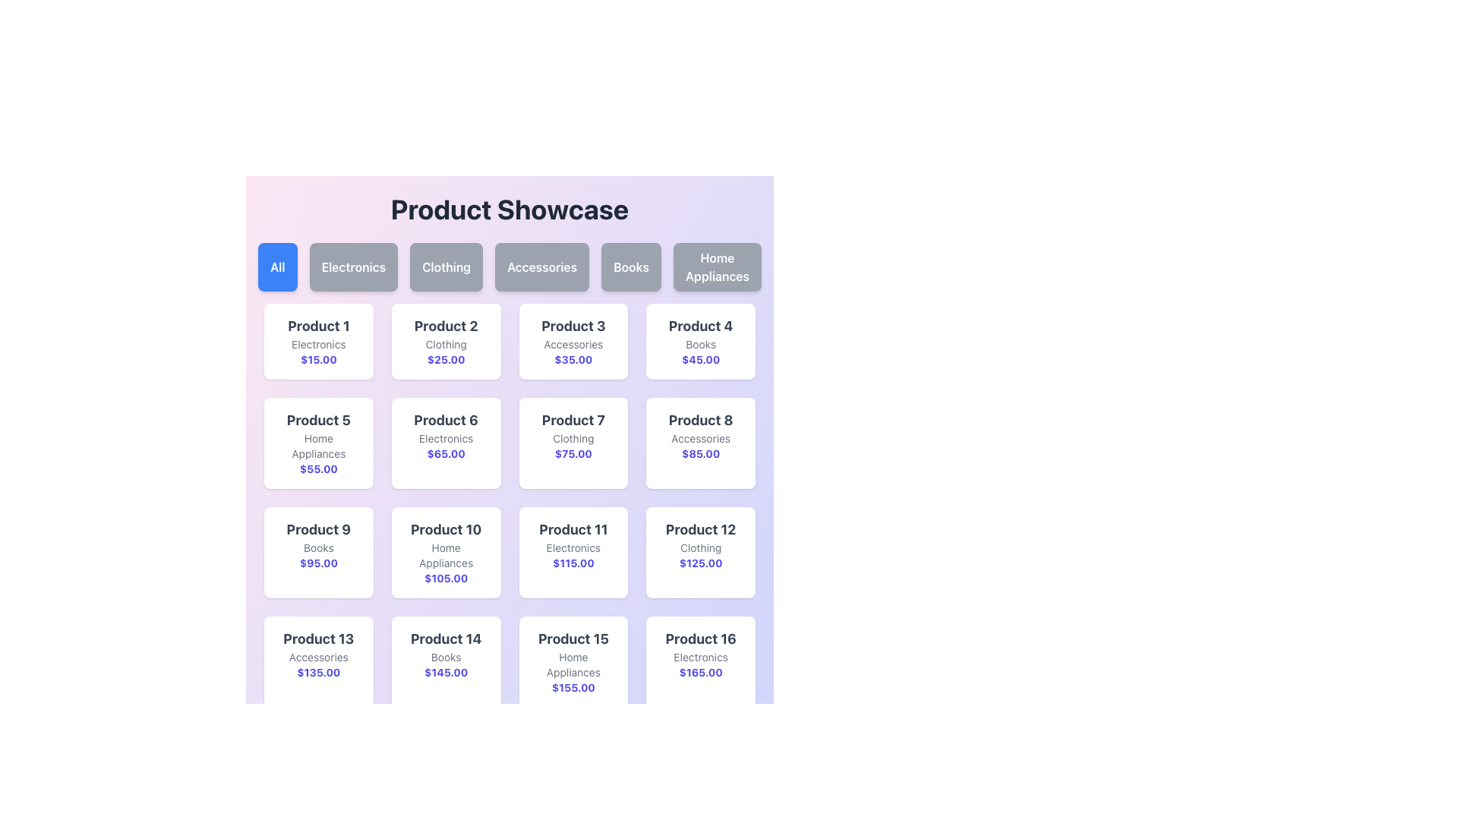 The height and width of the screenshot is (820, 1458). I want to click on the text label displaying 'Product 13' in bold dark gray, located in the bottom-left corner of the thirteenth product card above the 'Accessories' label and the price '$135.00', so click(317, 639).